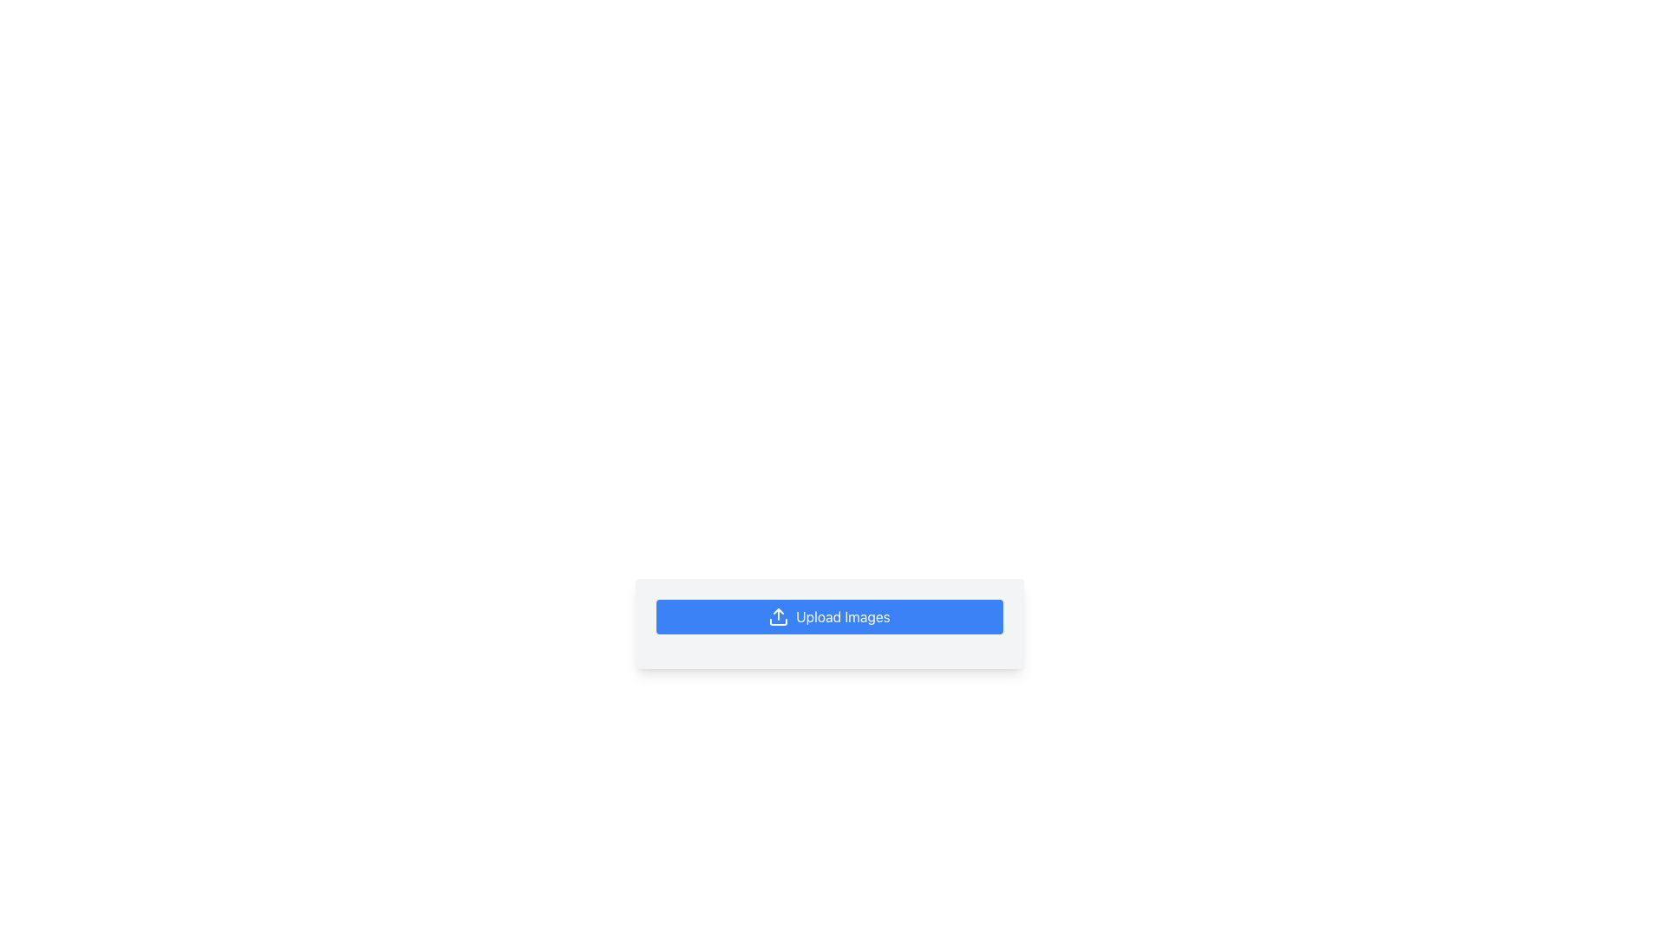 This screenshot has width=1665, height=936. What do you see at coordinates (828, 624) in the screenshot?
I see `the 'Upload Images' button, which is a vibrant blue rectangular button with a white upward arrow icon and white text` at bounding box center [828, 624].